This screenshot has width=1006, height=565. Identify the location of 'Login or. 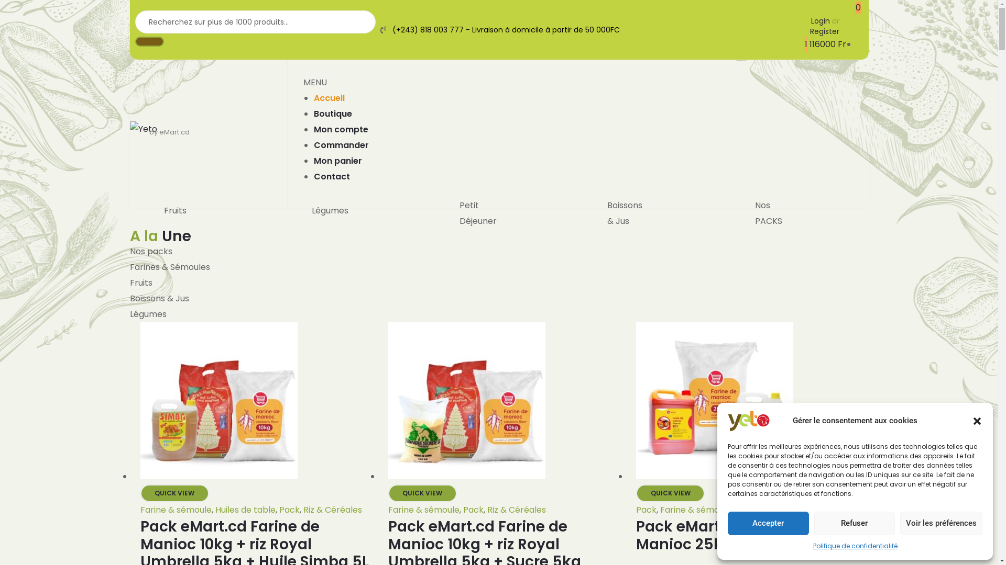
(804, 26).